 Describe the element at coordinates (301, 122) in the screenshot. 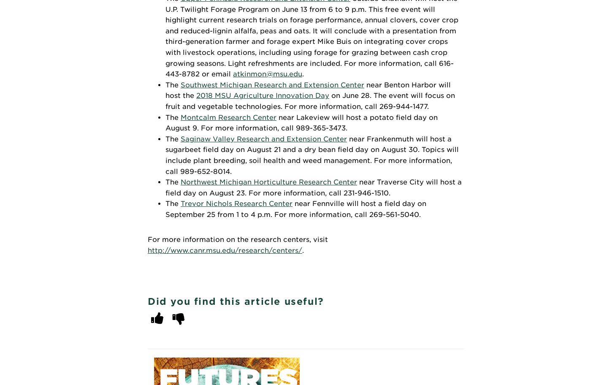

I see `'near Lakeview will host a potato field day on August 9. For more information, call 989-365-3473.'` at that location.